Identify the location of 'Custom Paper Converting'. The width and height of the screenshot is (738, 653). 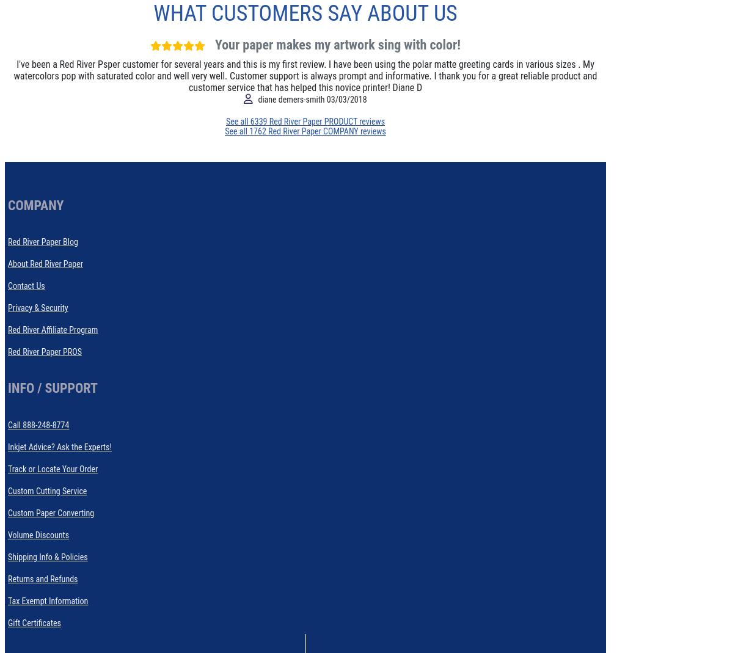
(7, 512).